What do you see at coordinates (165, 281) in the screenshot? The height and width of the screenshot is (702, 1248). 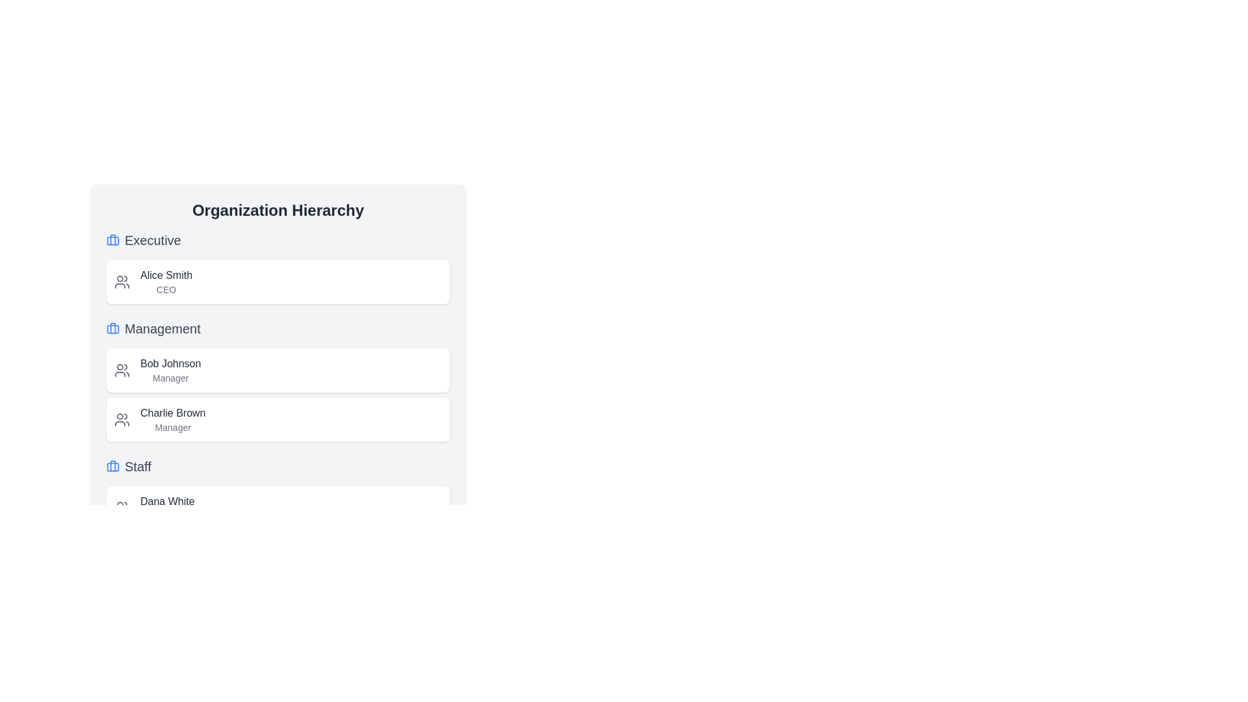 I see `the text display component that shows 'Alice Smith, CEO' within the topmost card in the 'Executive' section of the 'Organization Hierarchy'` at bounding box center [165, 281].